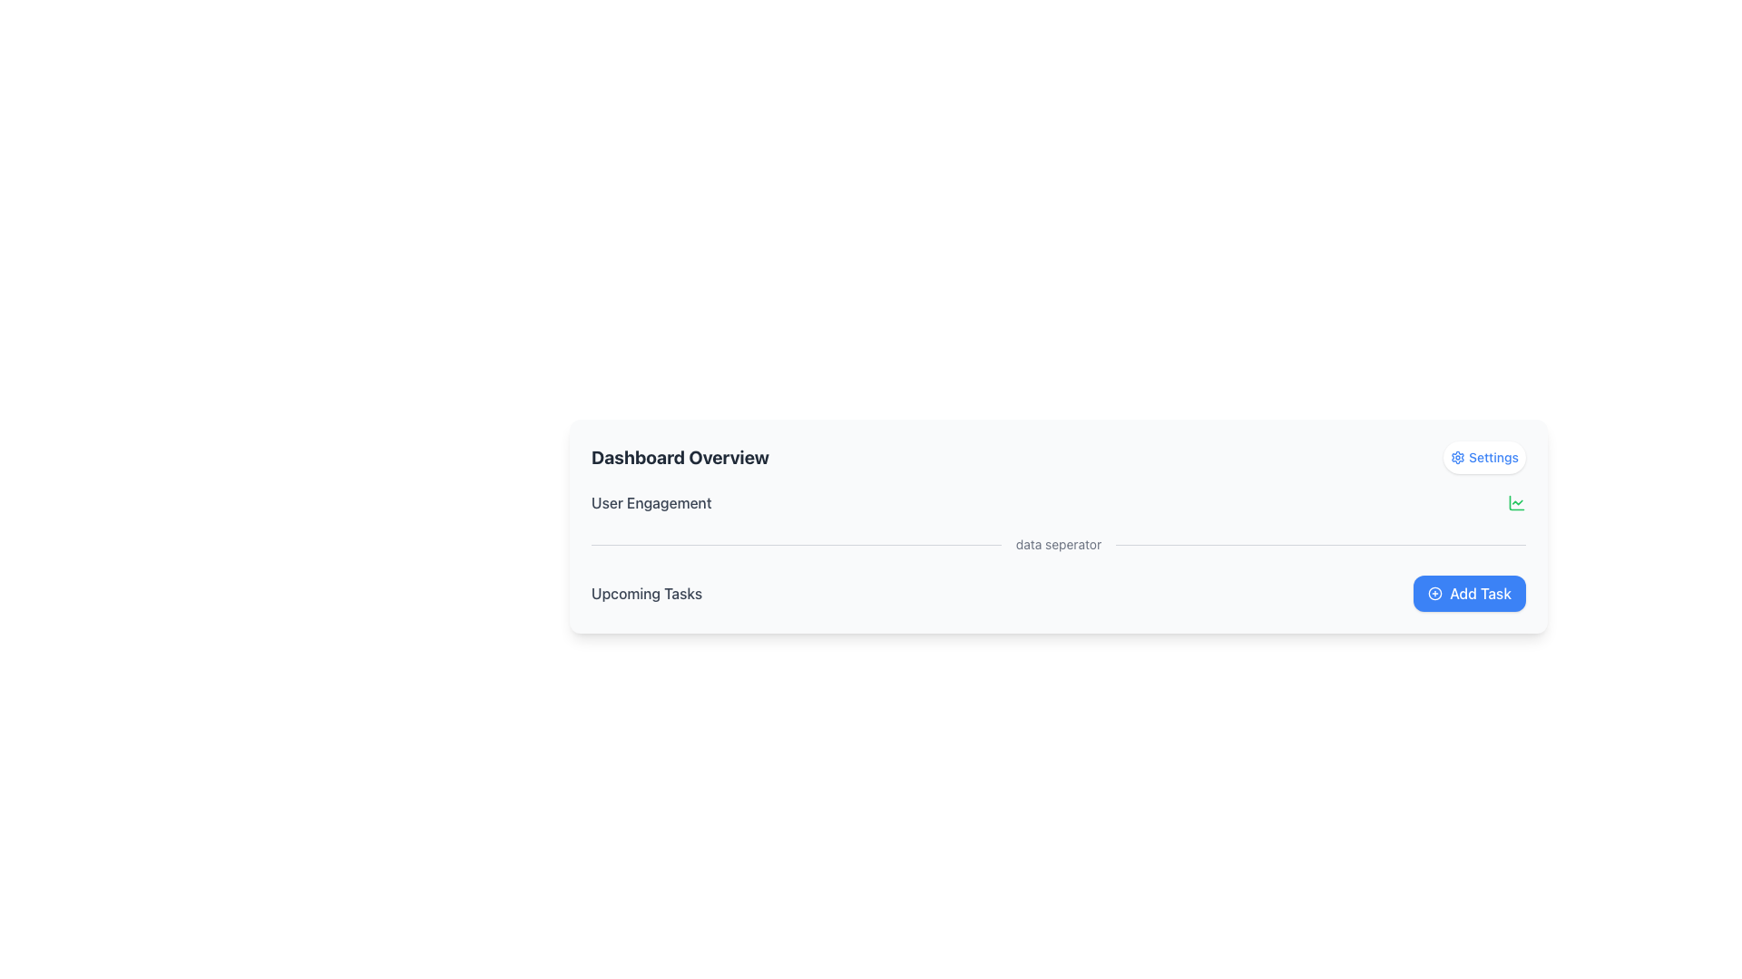 Image resolution: width=1742 pixels, height=979 pixels. What do you see at coordinates (651, 503) in the screenshot?
I see `the 'User Engagement' text label, which is a gray-colored label with medium font weight located at the top section of the interface` at bounding box center [651, 503].